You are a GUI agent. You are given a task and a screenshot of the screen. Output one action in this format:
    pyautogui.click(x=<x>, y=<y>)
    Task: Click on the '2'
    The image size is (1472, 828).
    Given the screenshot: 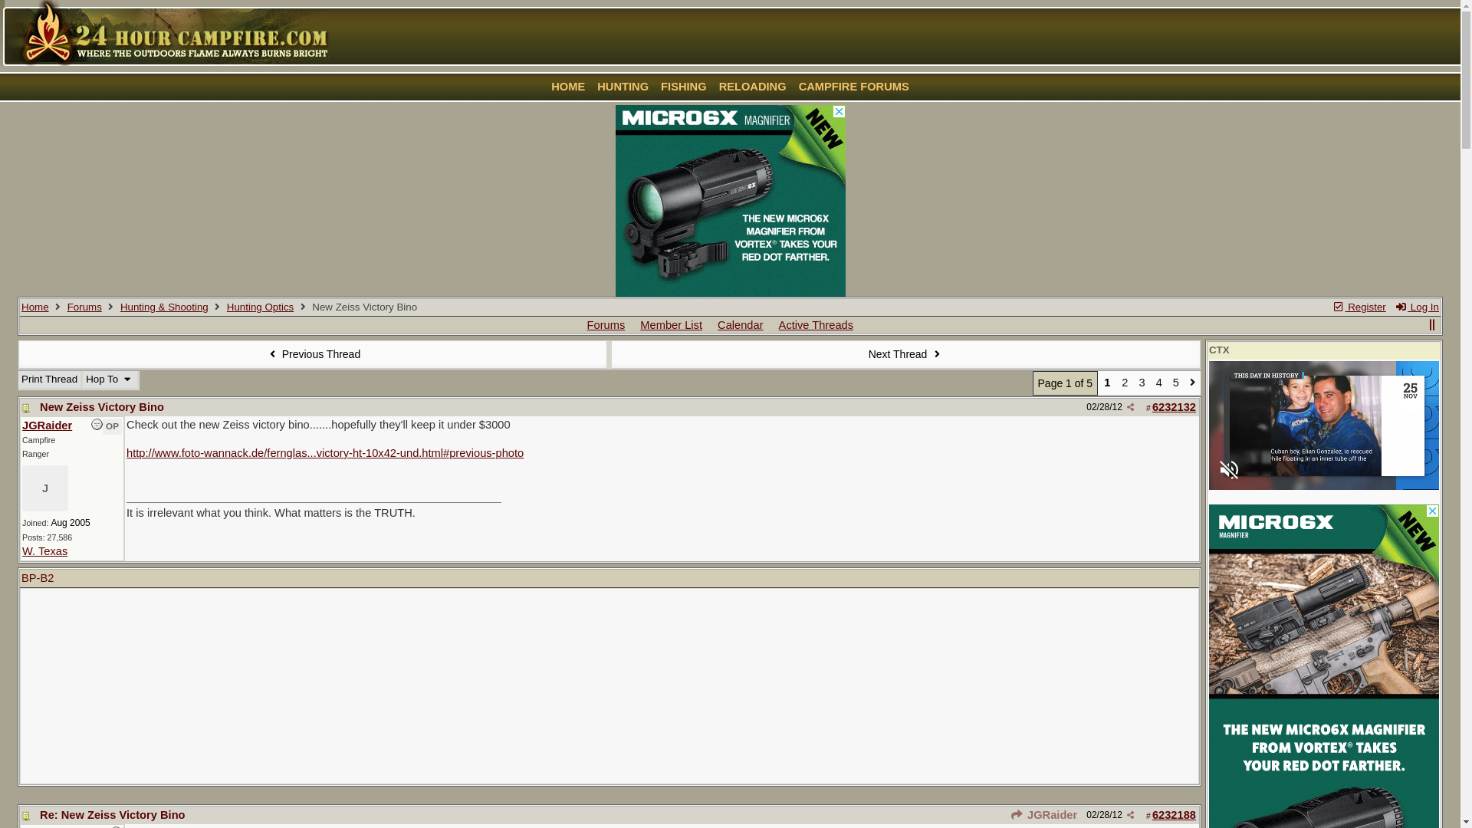 What is the action you would take?
    pyautogui.click(x=1125, y=383)
    